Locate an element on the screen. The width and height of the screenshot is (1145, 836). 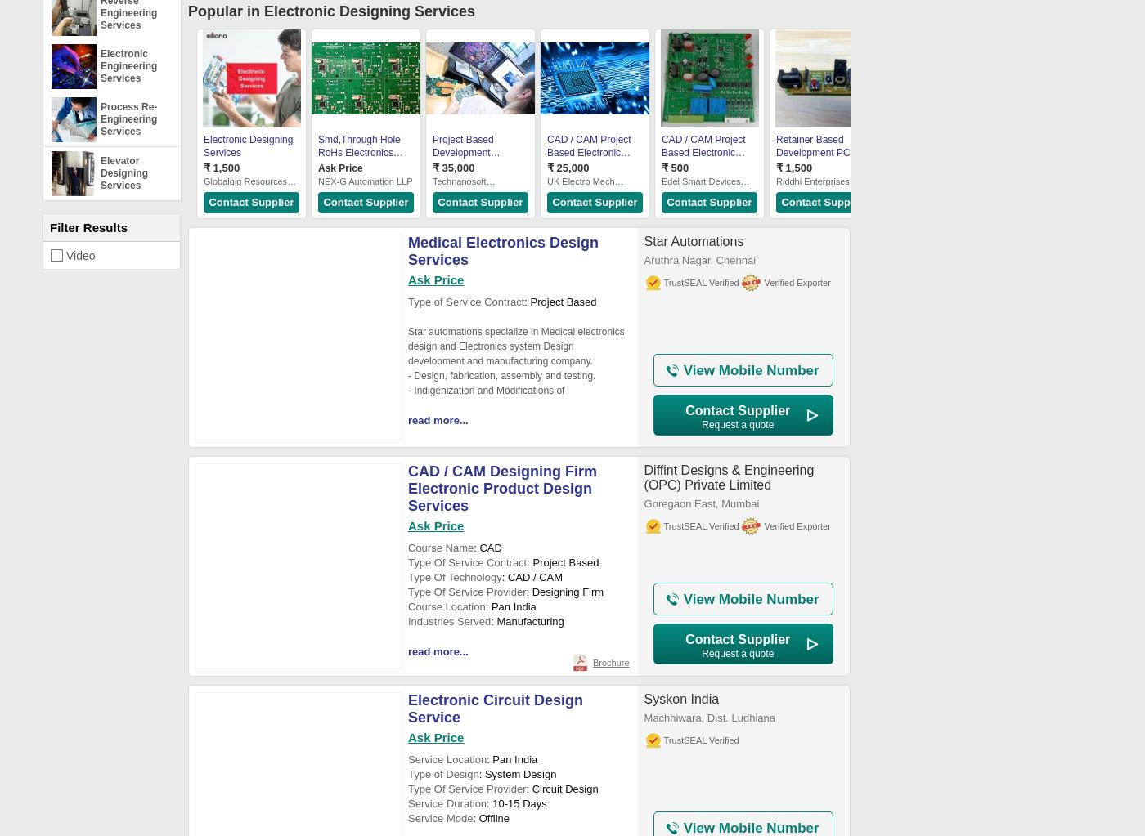
'UK Electro Mech Systems' is located at coordinates (580, 186).